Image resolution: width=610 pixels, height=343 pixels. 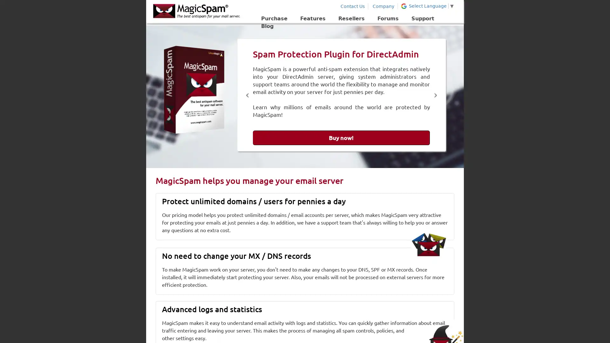 I want to click on Buy now!, so click(x=341, y=138).